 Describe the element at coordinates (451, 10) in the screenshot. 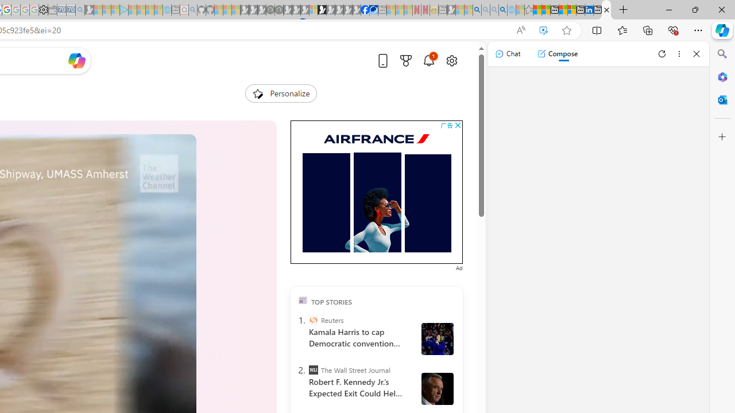

I see `'MSN - Sleeping'` at that location.